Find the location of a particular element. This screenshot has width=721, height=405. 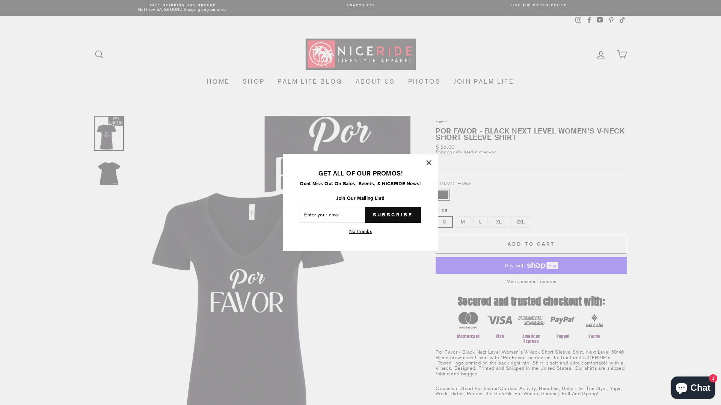

'PALM LIFE BLOG' is located at coordinates (310, 81).